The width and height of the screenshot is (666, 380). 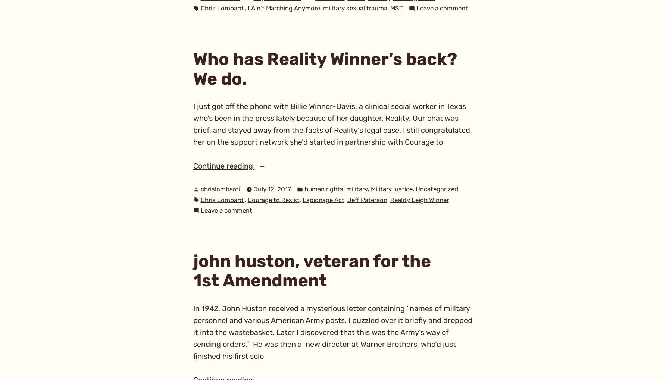 I want to click on 'July 12, 2017', so click(x=271, y=188).